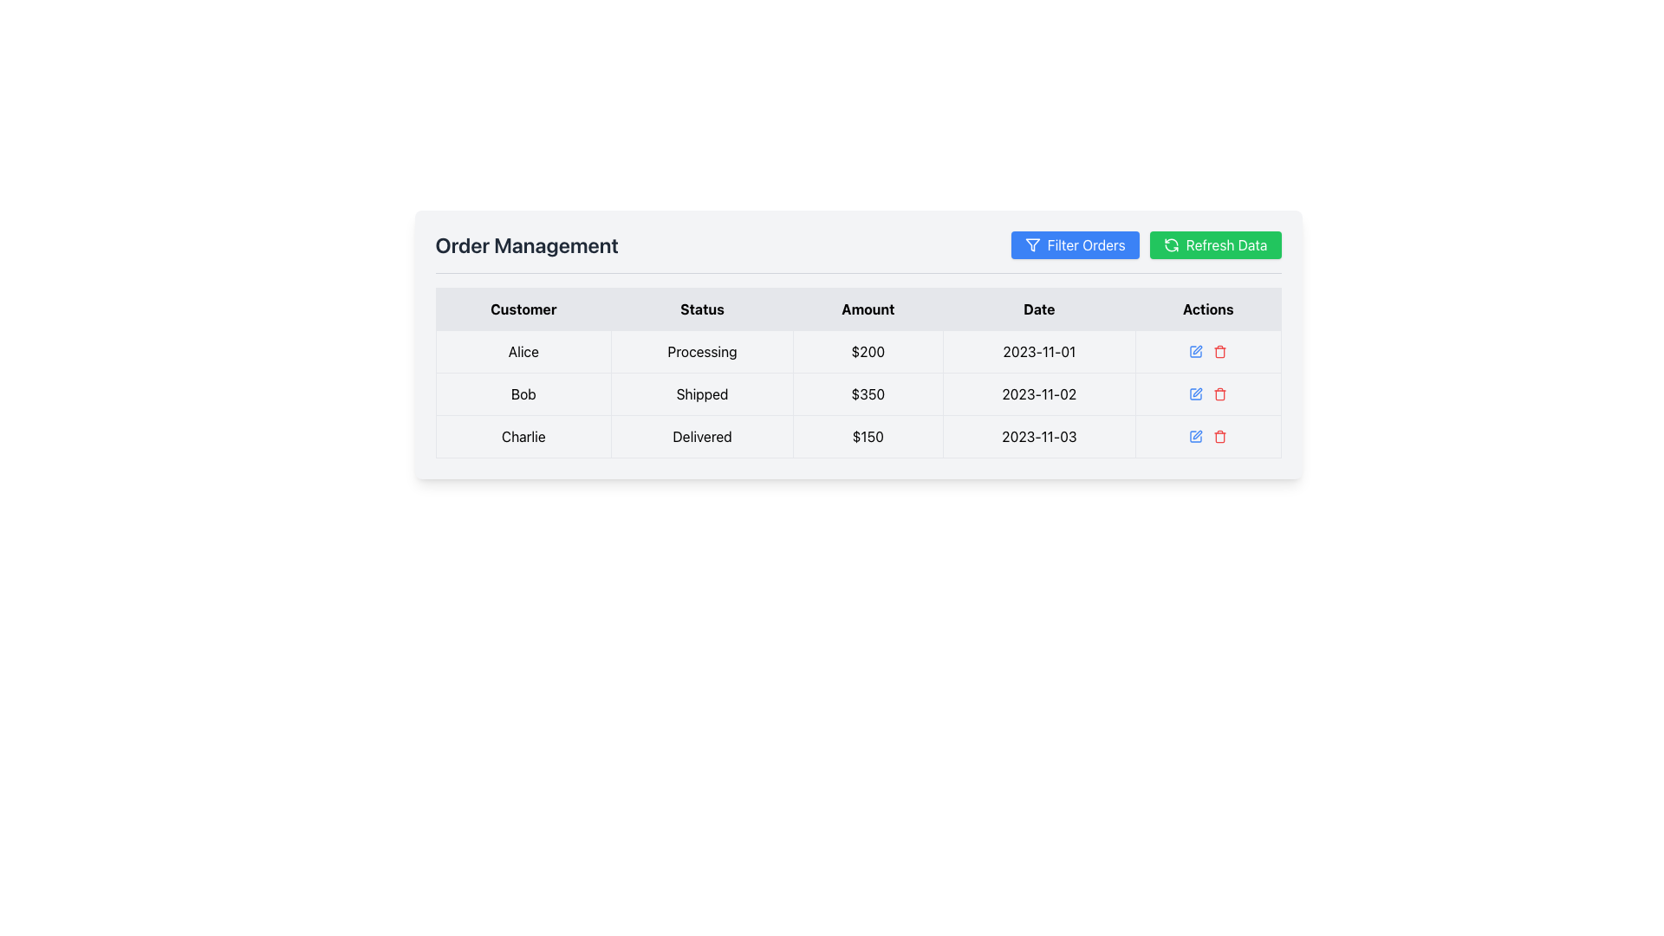 This screenshot has width=1664, height=936. What do you see at coordinates (868, 309) in the screenshot?
I see `the 'Amount' column header, which is the third item in a row of headers in the table, positioned between the 'Status' and 'Date' headers` at bounding box center [868, 309].